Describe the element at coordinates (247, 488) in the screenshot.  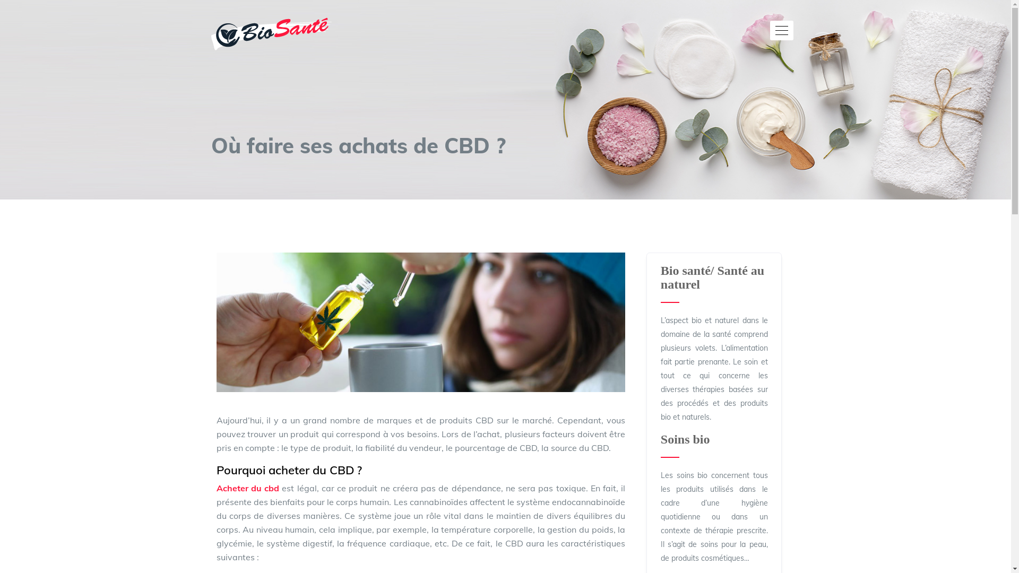
I see `'Acheter du cbd'` at that location.